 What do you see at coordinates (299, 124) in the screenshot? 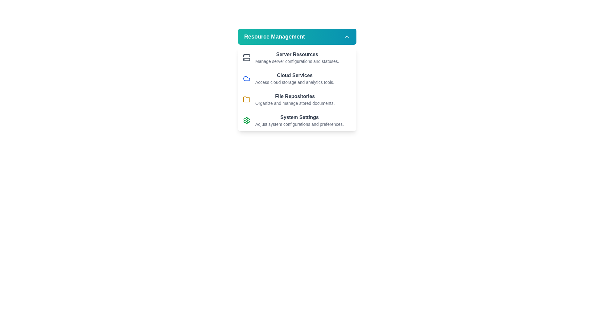
I see `the static text element displaying 'Adjust system configurations and preferences.' which is styled in a small gray font, located in the bottom-right quadrant of the 'Resource Management' card section` at bounding box center [299, 124].